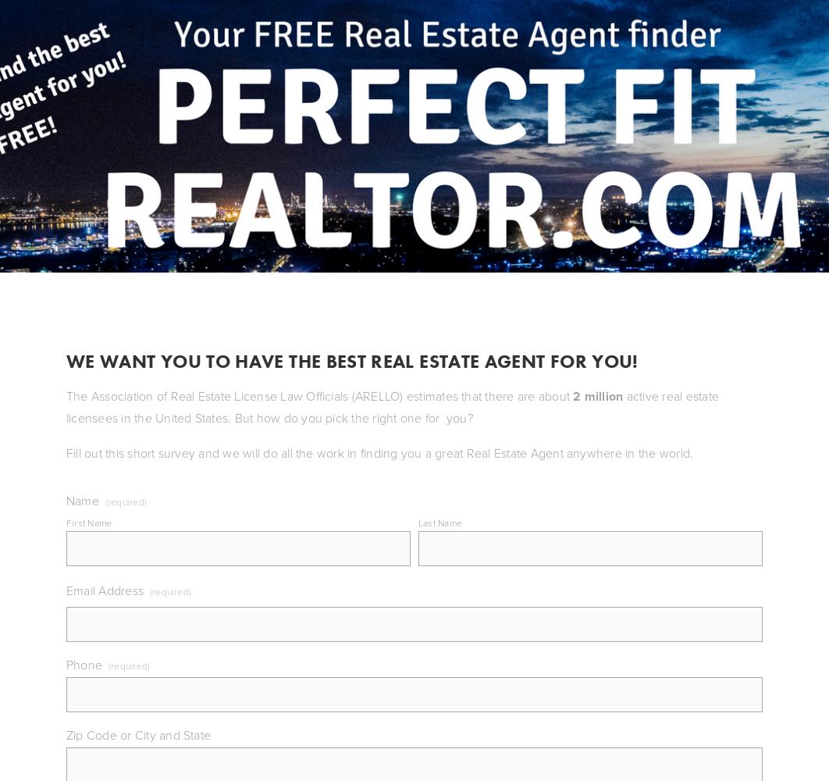 This screenshot has height=781, width=829. What do you see at coordinates (379, 452) in the screenshot?
I see `'Fill out this short survey and we will do all the work in finding you a great Real Estate Agent anywhere in the world.'` at bounding box center [379, 452].